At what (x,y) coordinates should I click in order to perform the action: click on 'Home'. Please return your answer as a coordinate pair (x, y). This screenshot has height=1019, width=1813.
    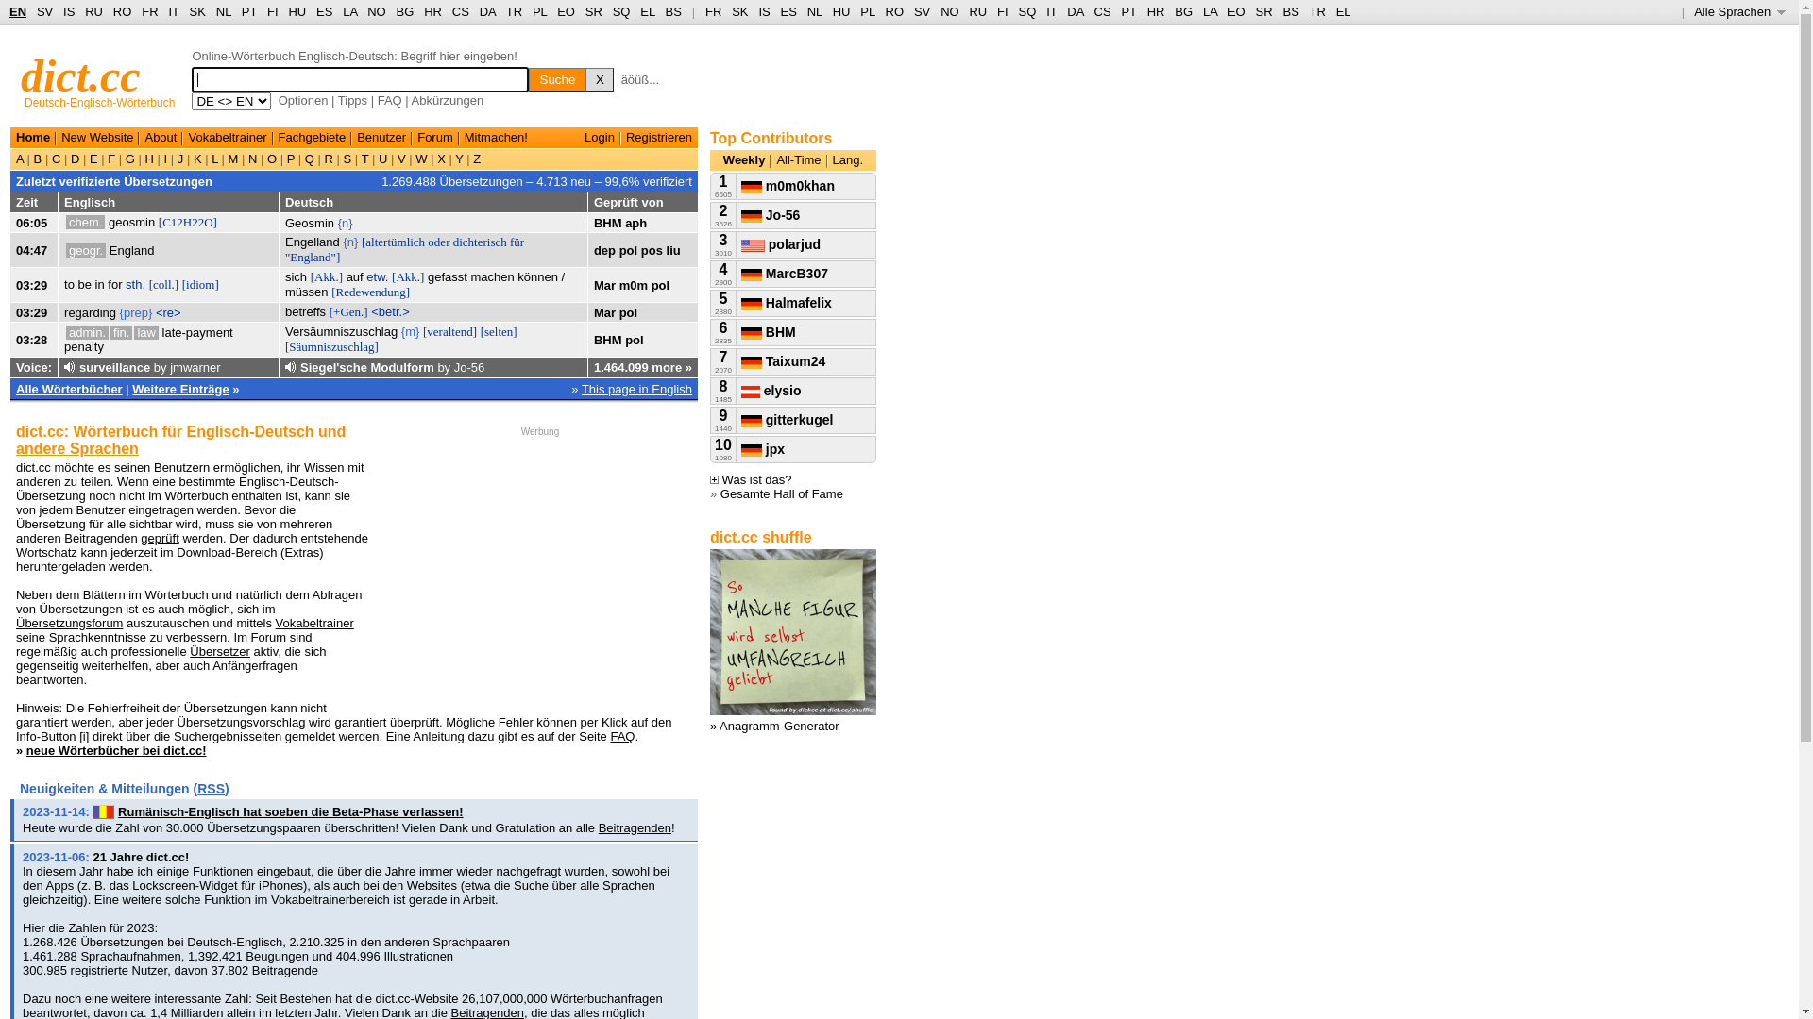
    Looking at the image, I should click on (32, 136).